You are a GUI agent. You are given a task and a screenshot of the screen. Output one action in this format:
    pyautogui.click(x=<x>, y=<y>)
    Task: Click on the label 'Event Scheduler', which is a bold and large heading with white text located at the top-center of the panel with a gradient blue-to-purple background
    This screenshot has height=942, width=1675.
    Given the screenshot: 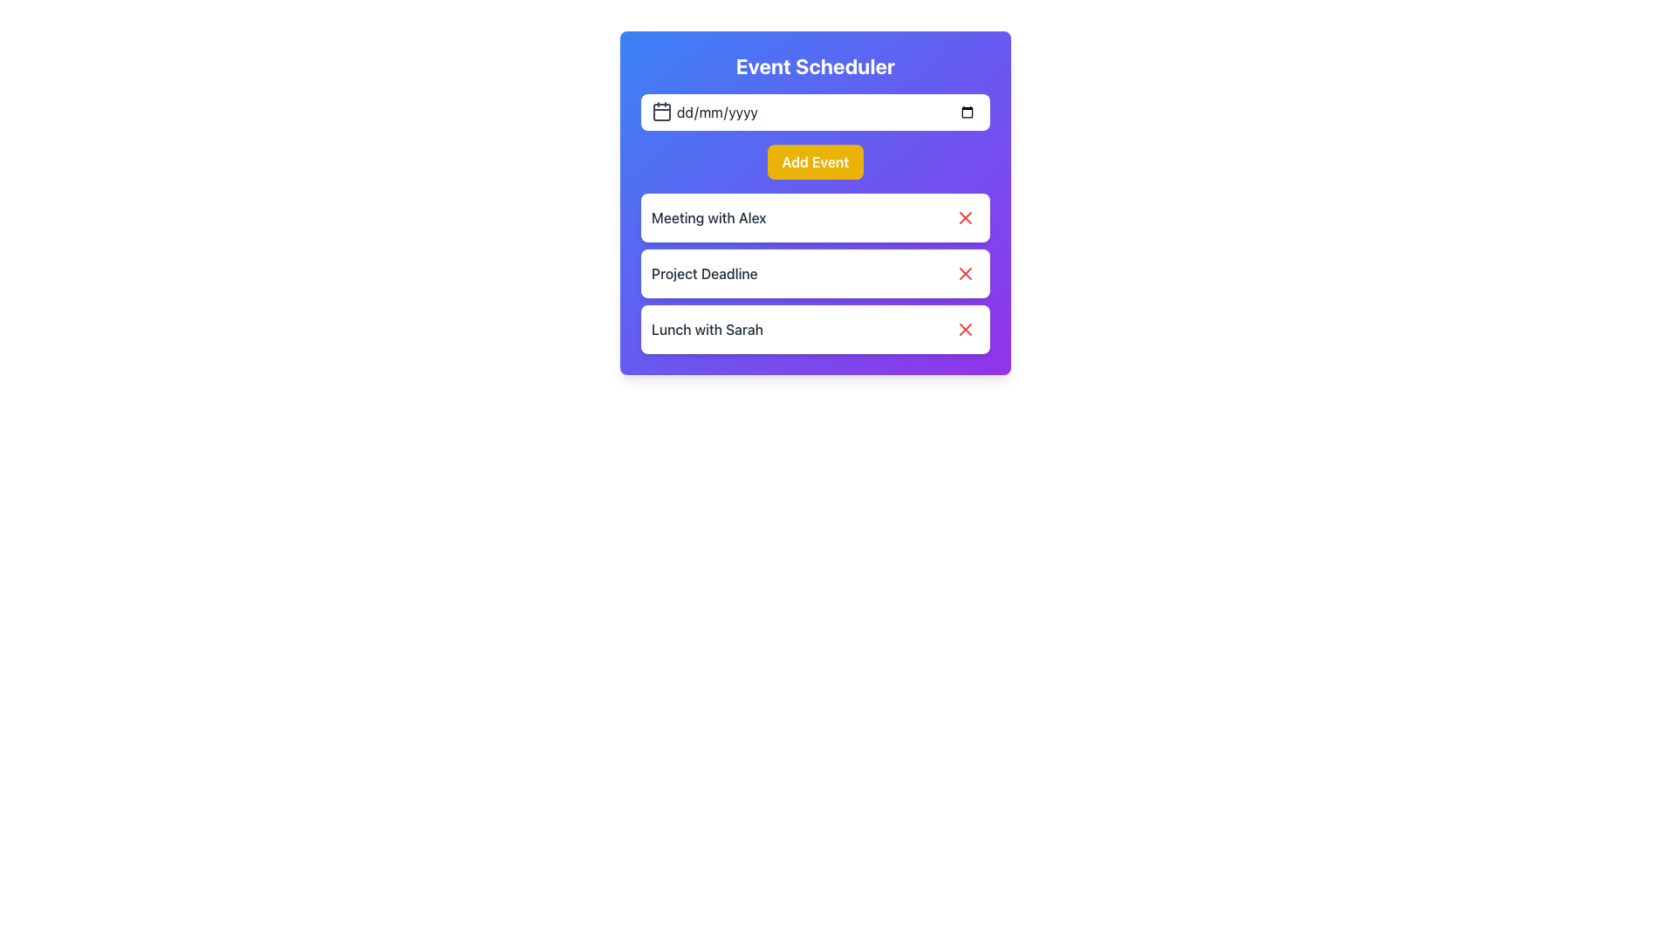 What is the action you would take?
    pyautogui.click(x=815, y=65)
    